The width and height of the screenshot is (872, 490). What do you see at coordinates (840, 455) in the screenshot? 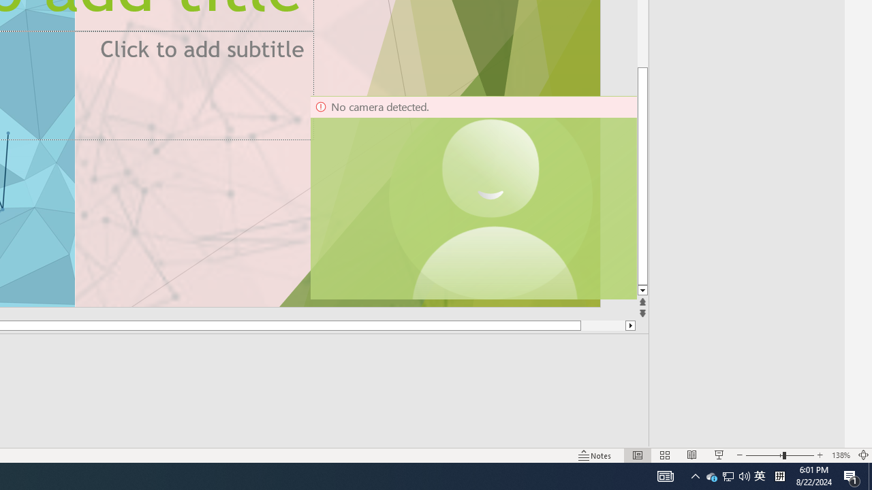
I see `'Zoom 138%'` at bounding box center [840, 455].